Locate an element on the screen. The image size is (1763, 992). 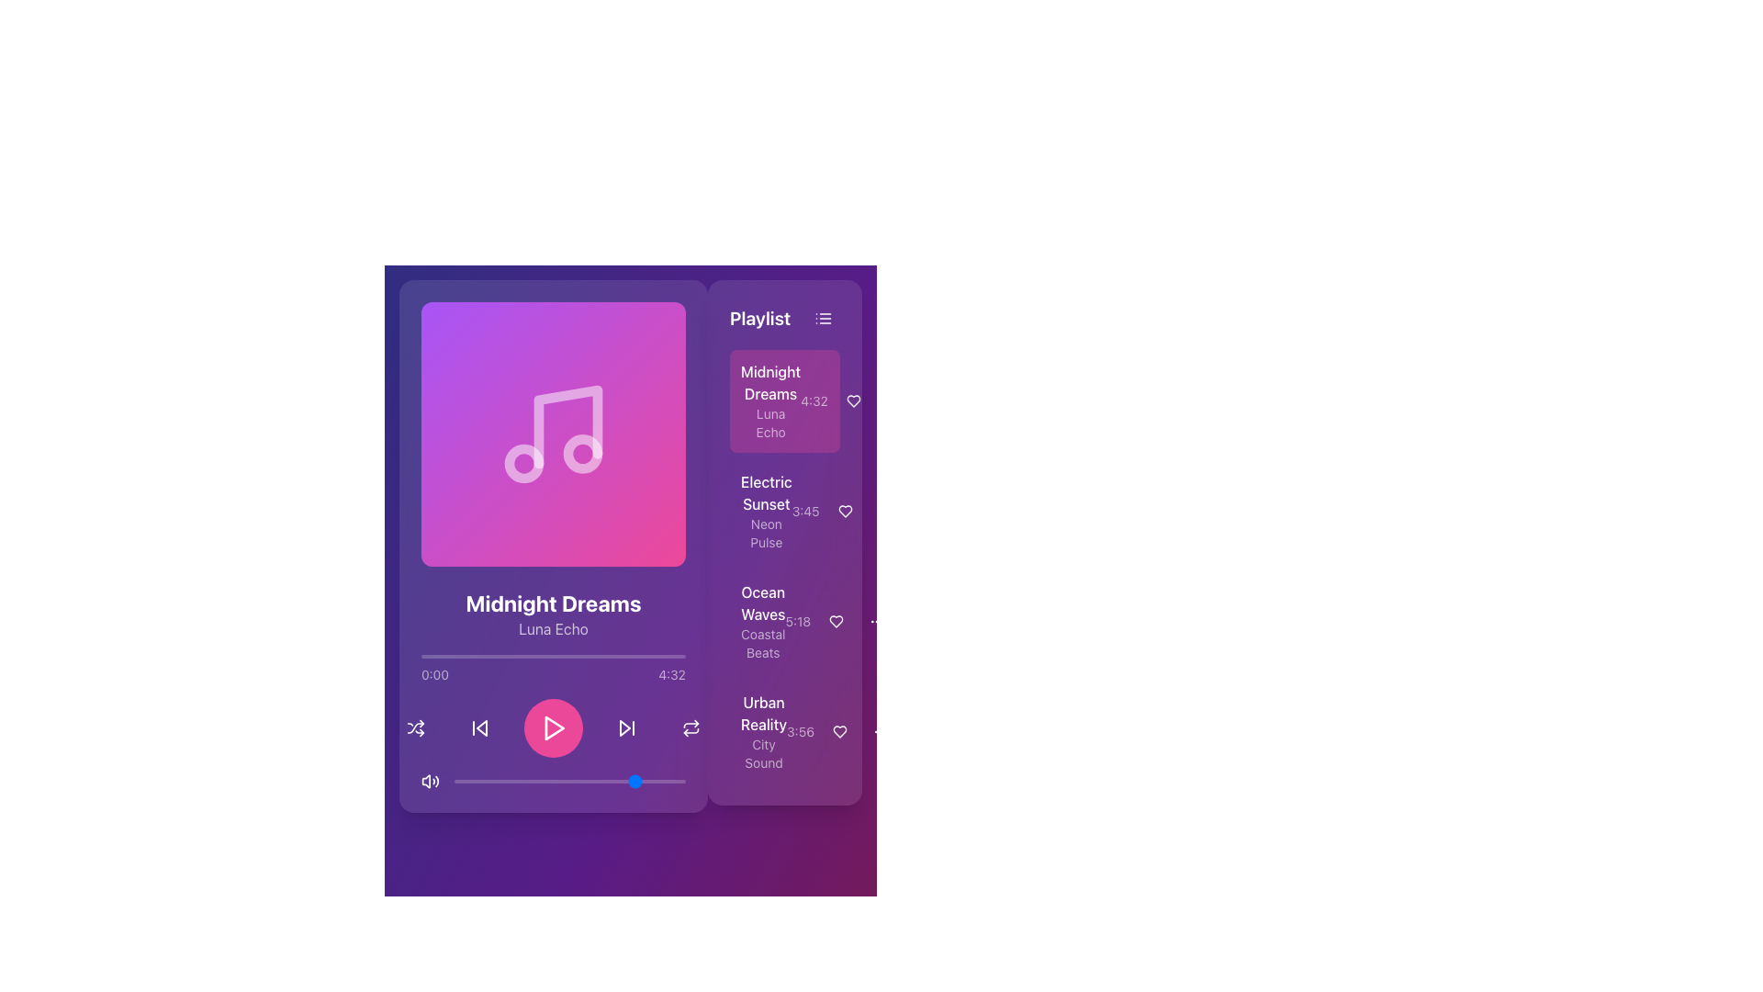
the slider is located at coordinates (502, 782).